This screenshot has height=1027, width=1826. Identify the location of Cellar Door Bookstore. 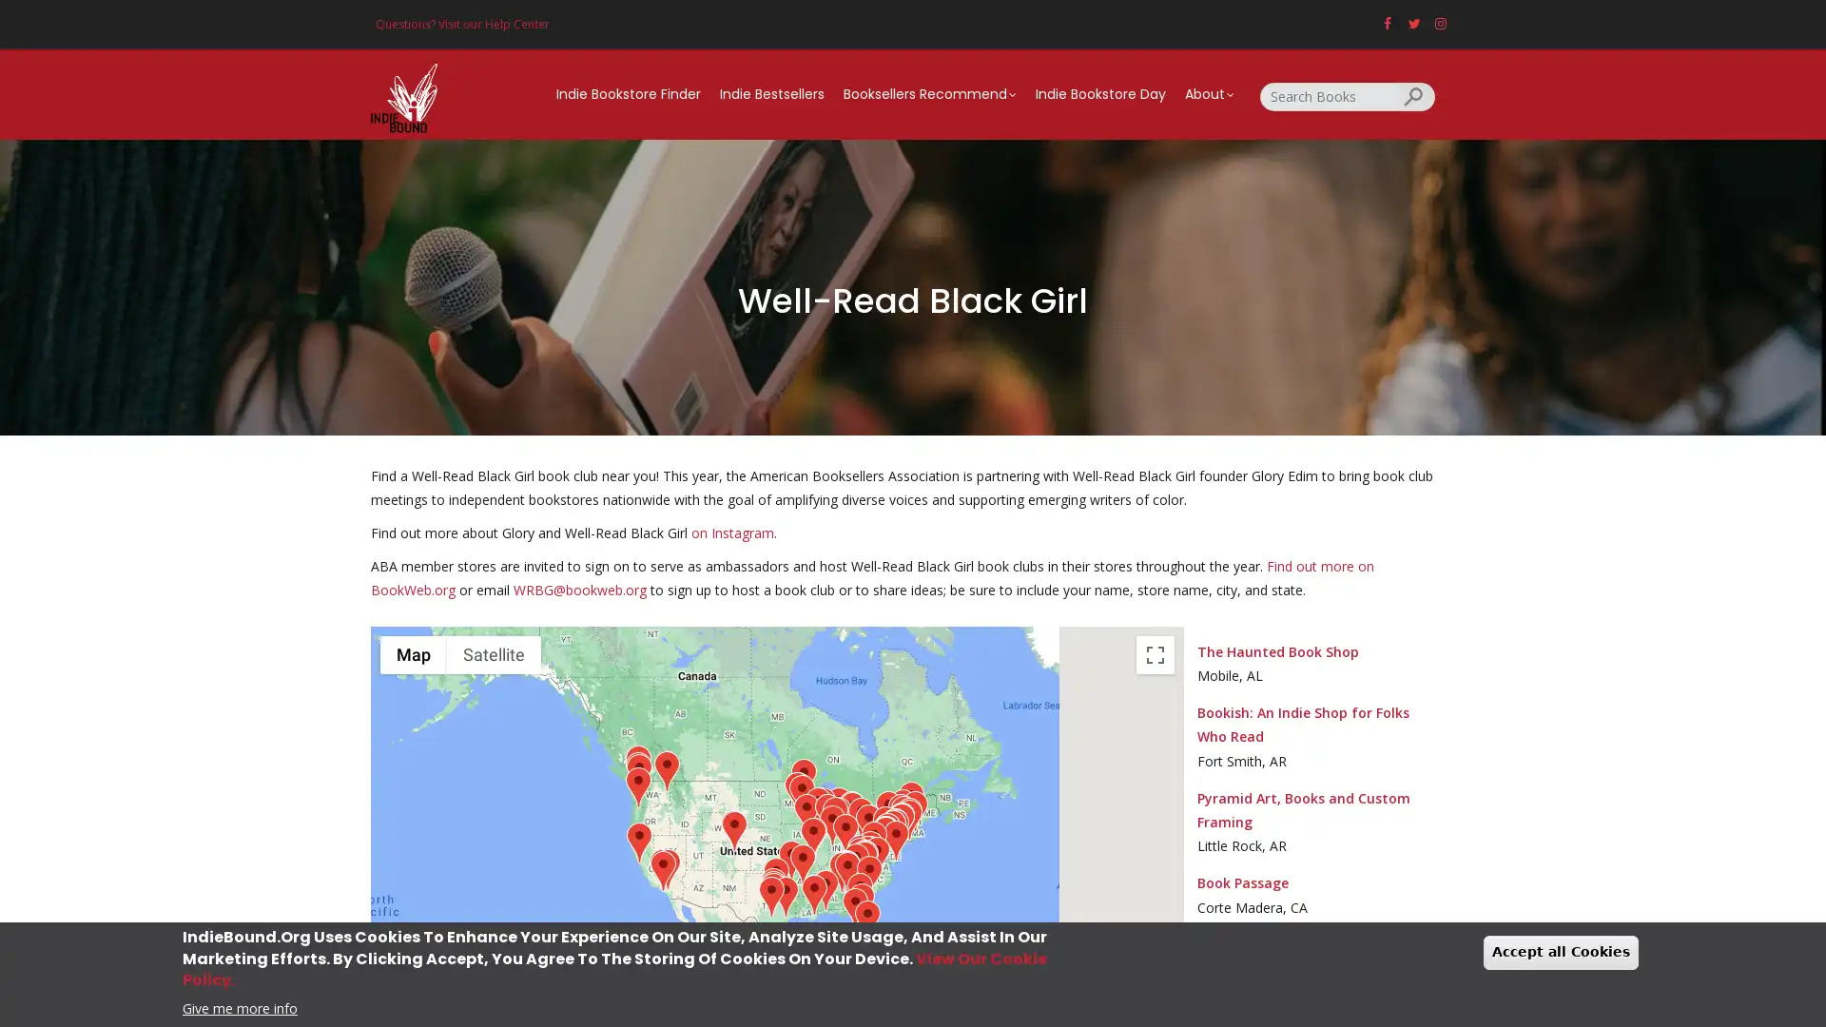
(667, 868).